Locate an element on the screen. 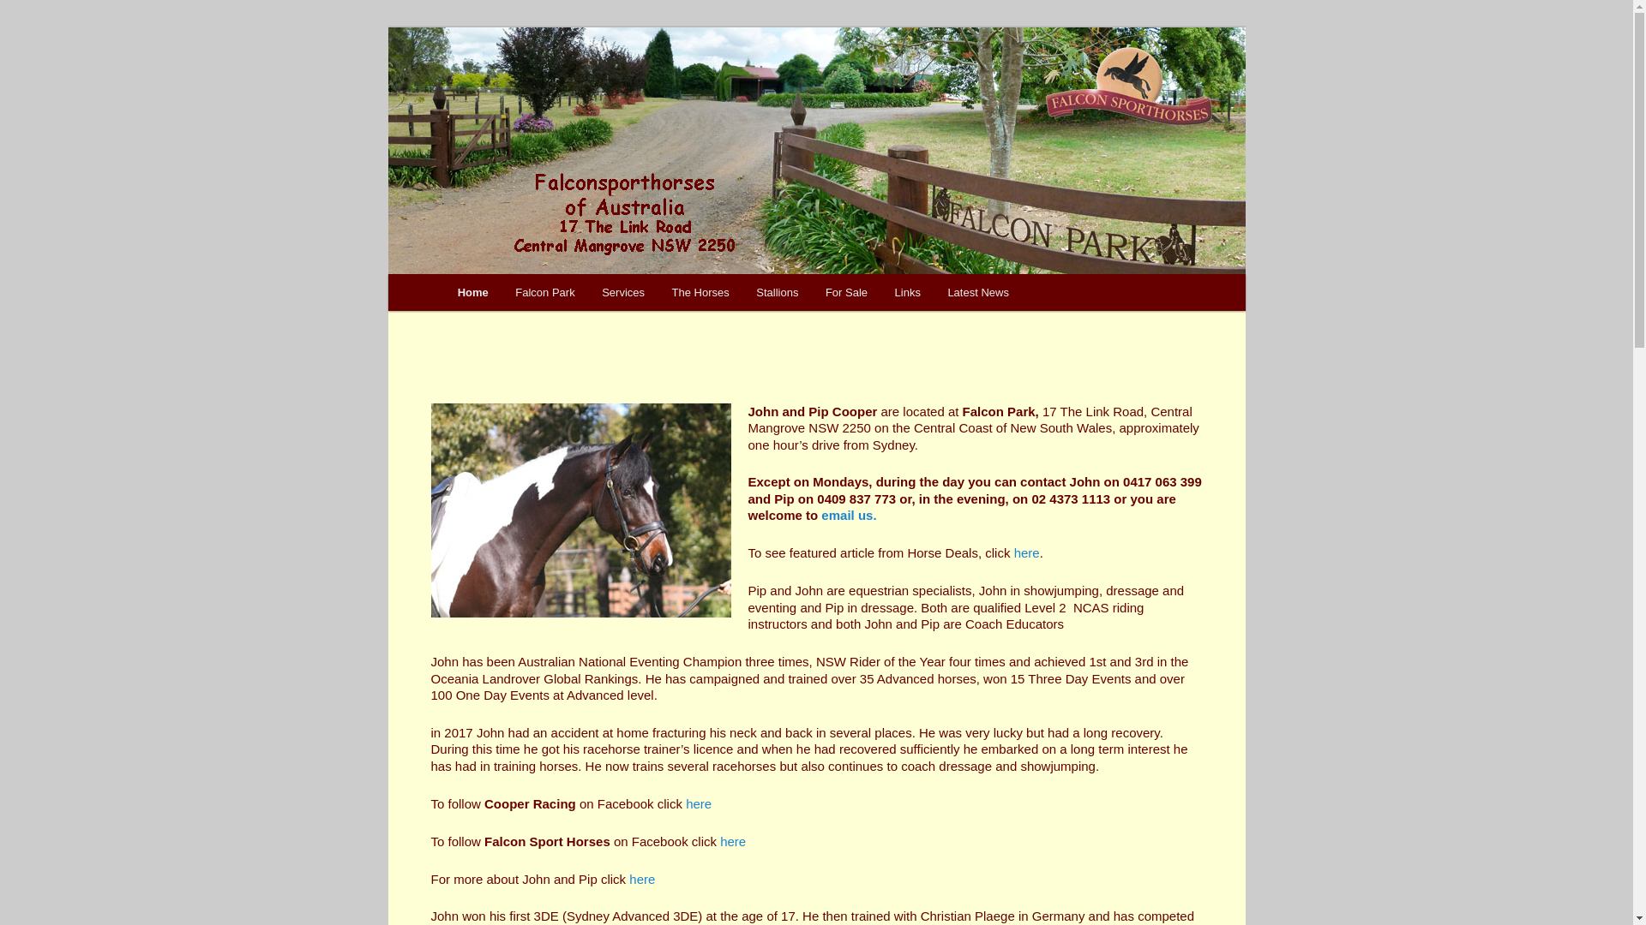 This screenshot has height=925, width=1646. 'Latest News' is located at coordinates (933, 291).